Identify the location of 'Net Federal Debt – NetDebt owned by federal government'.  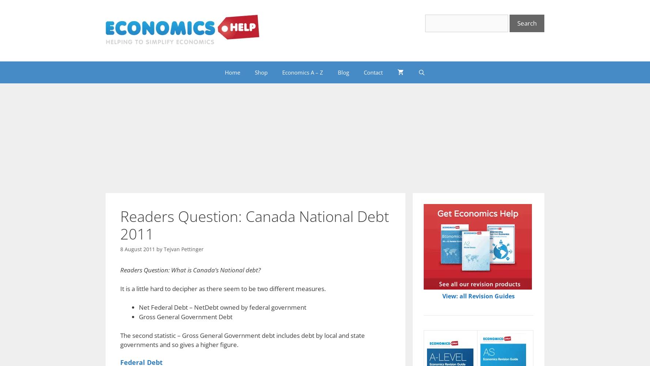
(222, 307).